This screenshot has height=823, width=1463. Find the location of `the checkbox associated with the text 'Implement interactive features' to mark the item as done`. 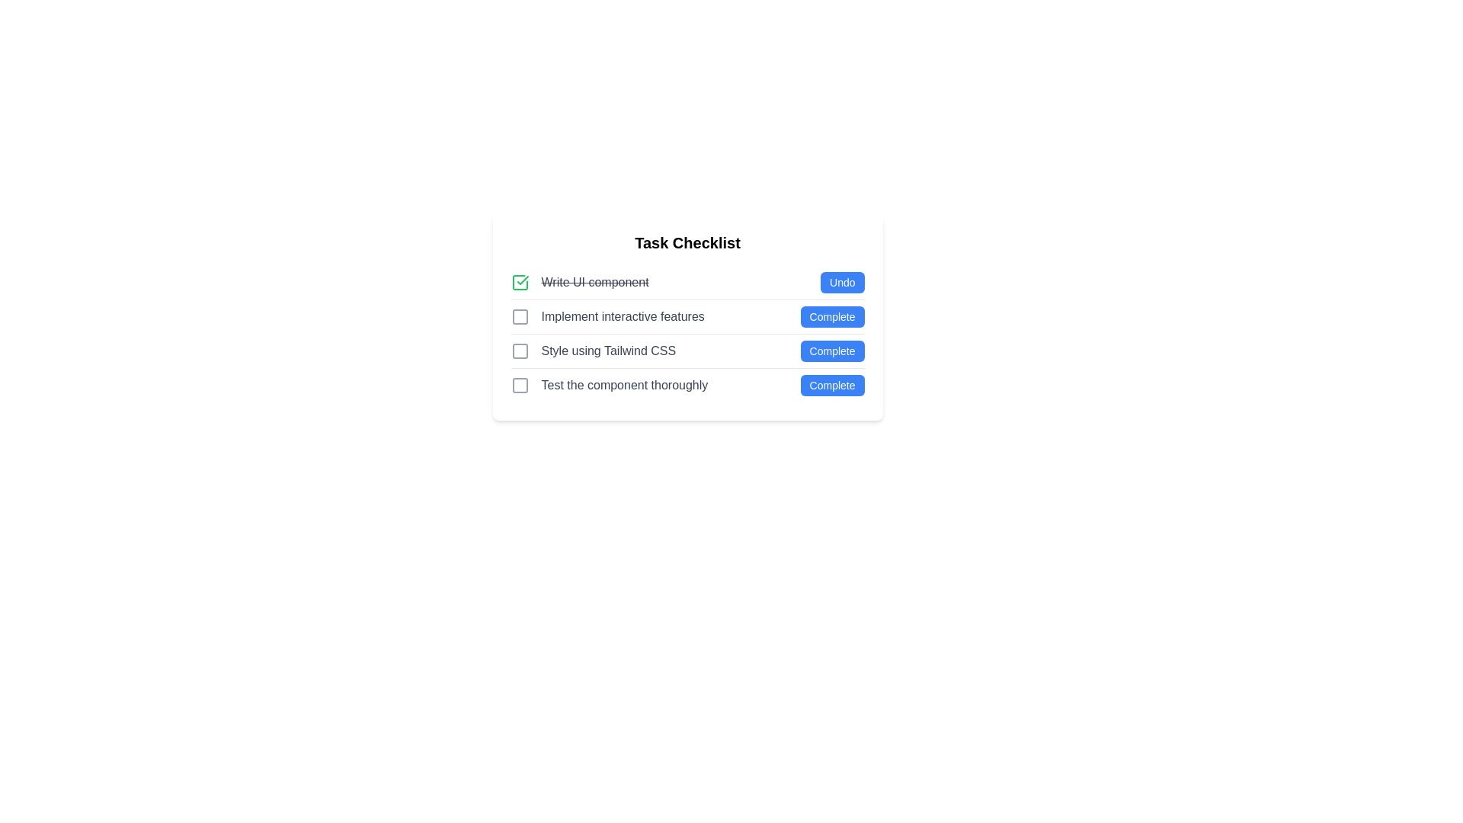

the checkbox associated with the text 'Implement interactive features' to mark the item as done is located at coordinates (607, 316).